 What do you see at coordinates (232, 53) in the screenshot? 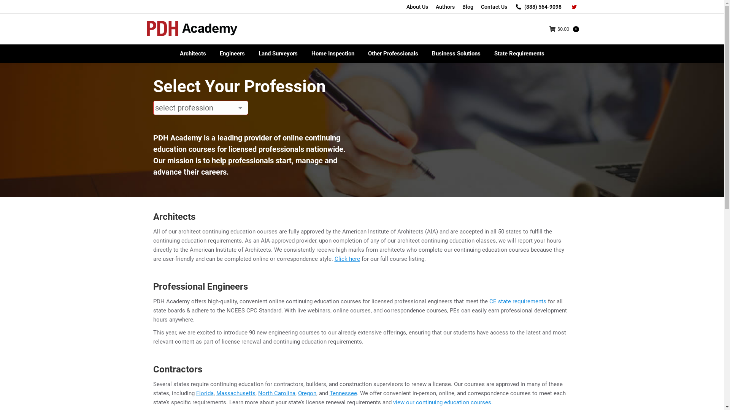
I see `'Engineers'` at bounding box center [232, 53].